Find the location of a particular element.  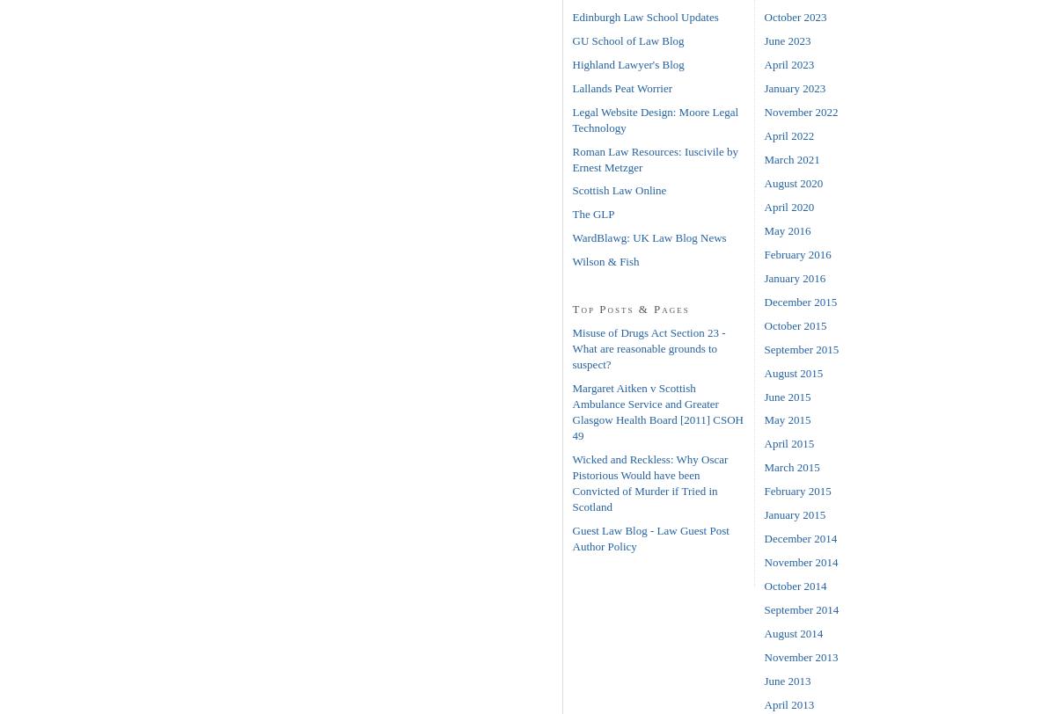

'March 2021' is located at coordinates (762, 158).